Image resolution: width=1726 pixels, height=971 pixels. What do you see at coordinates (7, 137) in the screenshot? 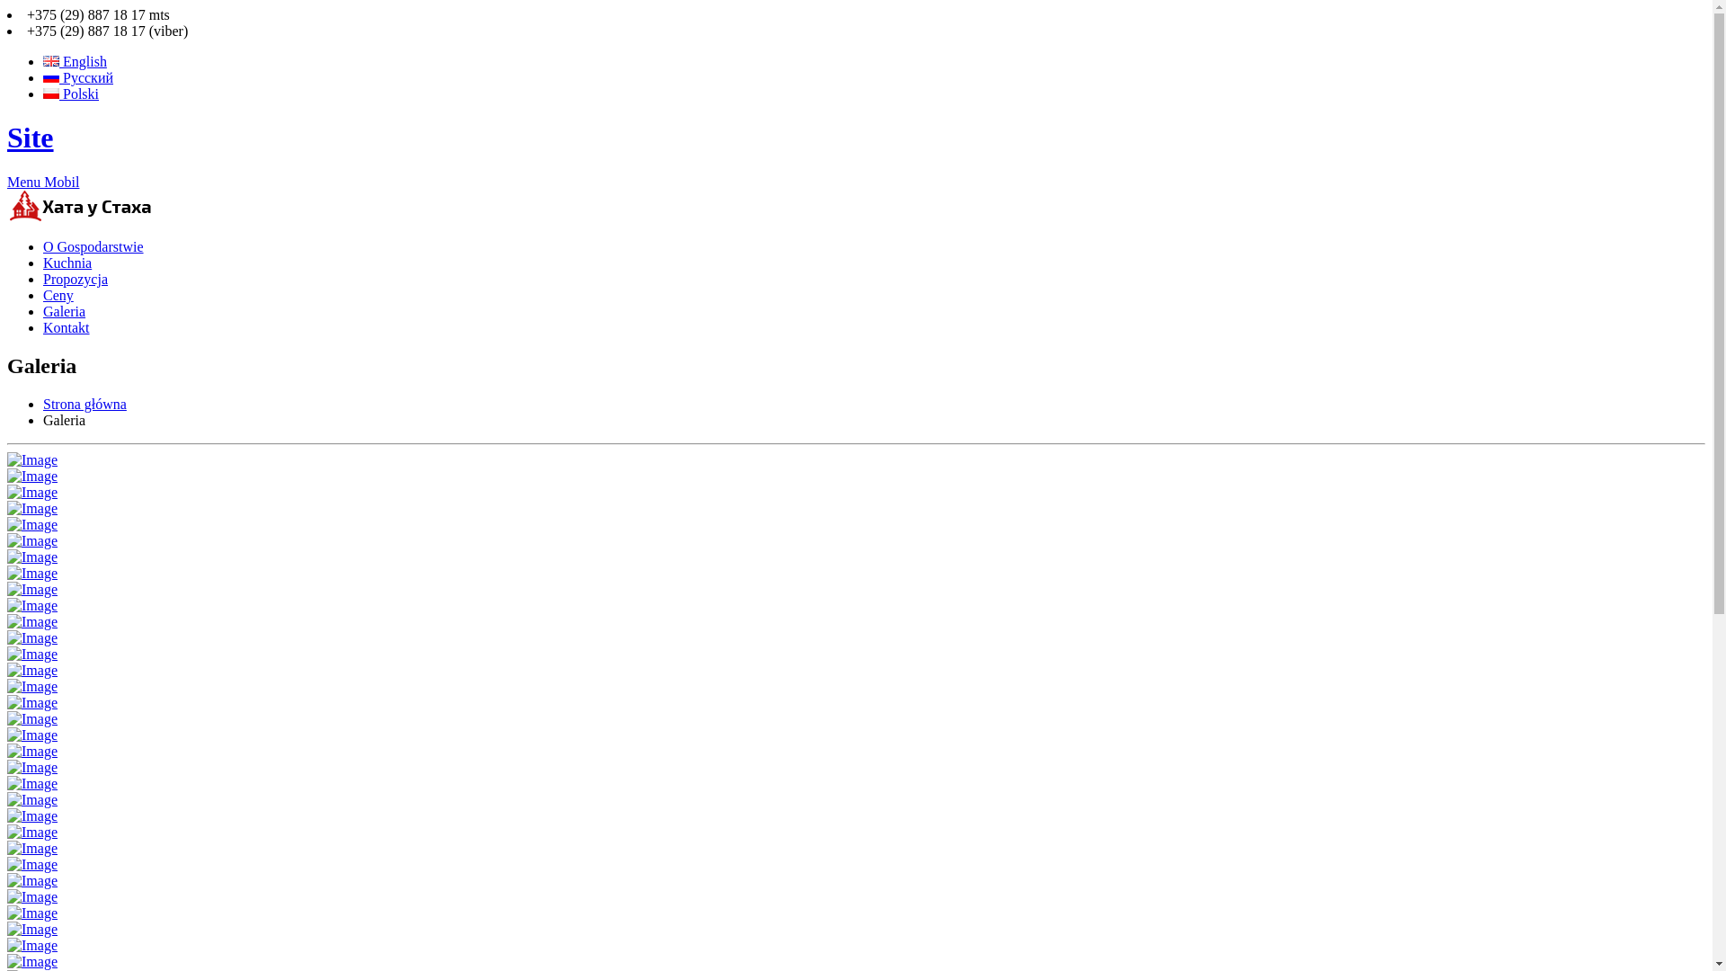
I see `'Site'` at bounding box center [7, 137].